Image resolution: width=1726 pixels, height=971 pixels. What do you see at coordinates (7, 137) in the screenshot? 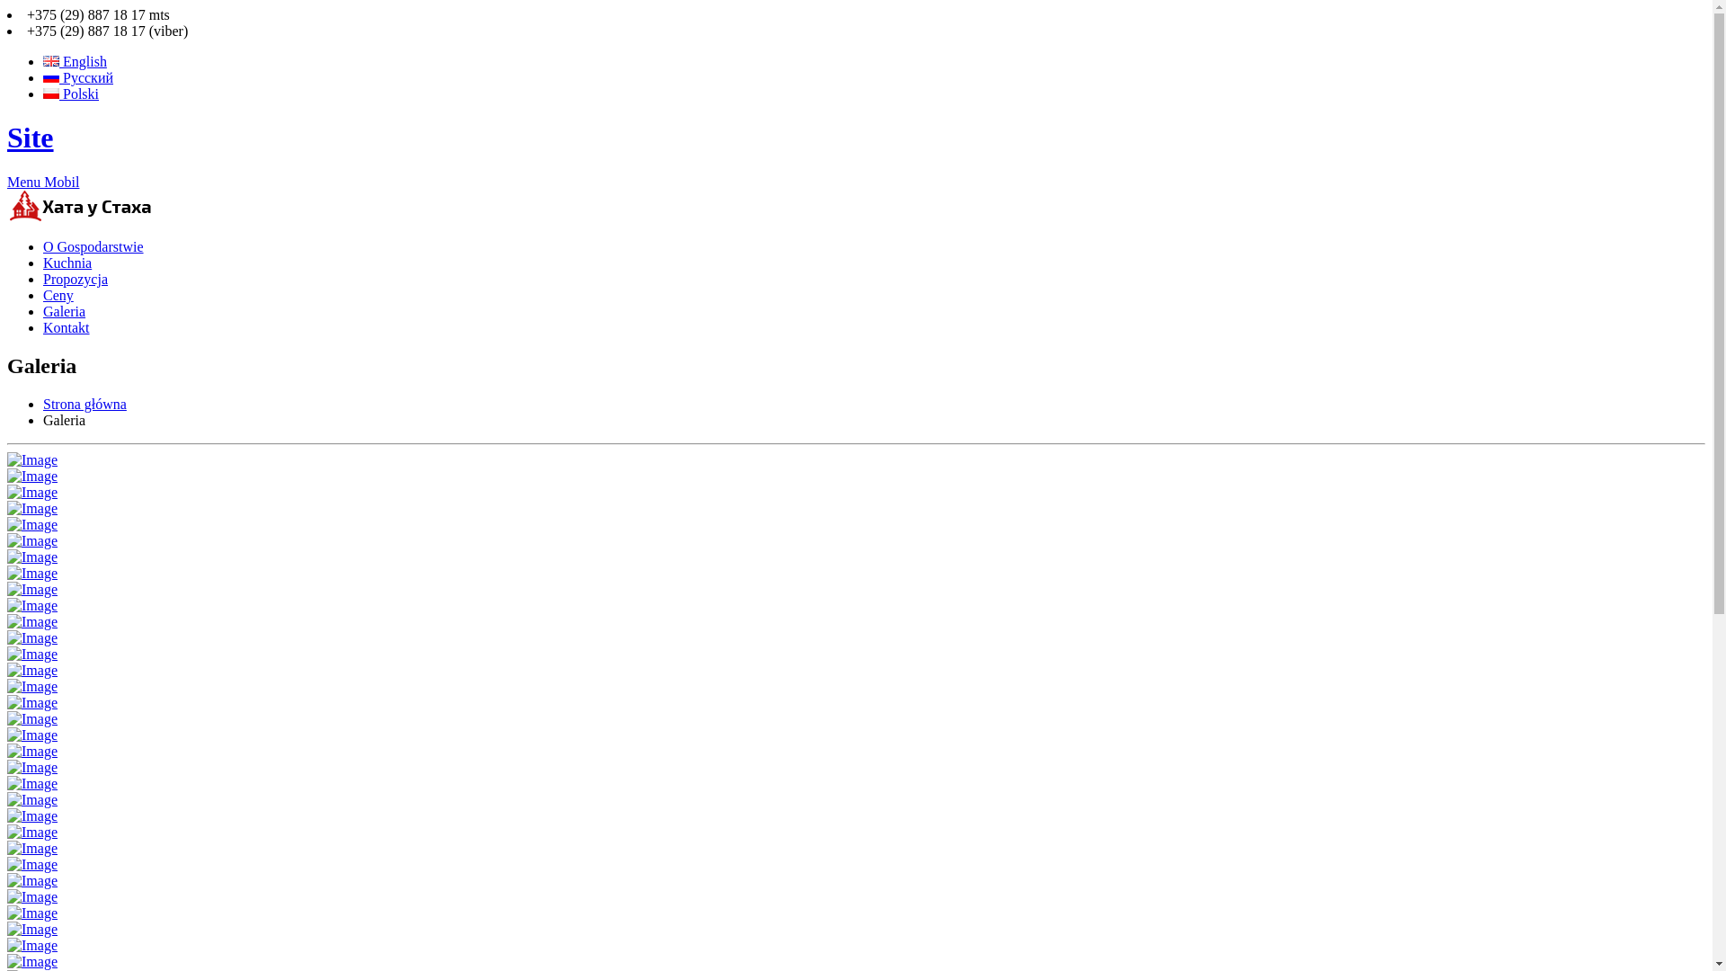
I see `'Site'` at bounding box center [7, 137].